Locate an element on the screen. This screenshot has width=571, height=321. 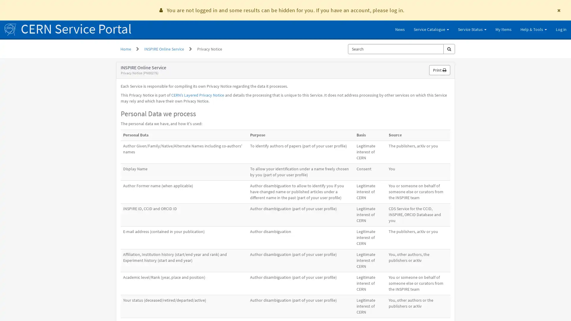
Print is located at coordinates (440, 70).